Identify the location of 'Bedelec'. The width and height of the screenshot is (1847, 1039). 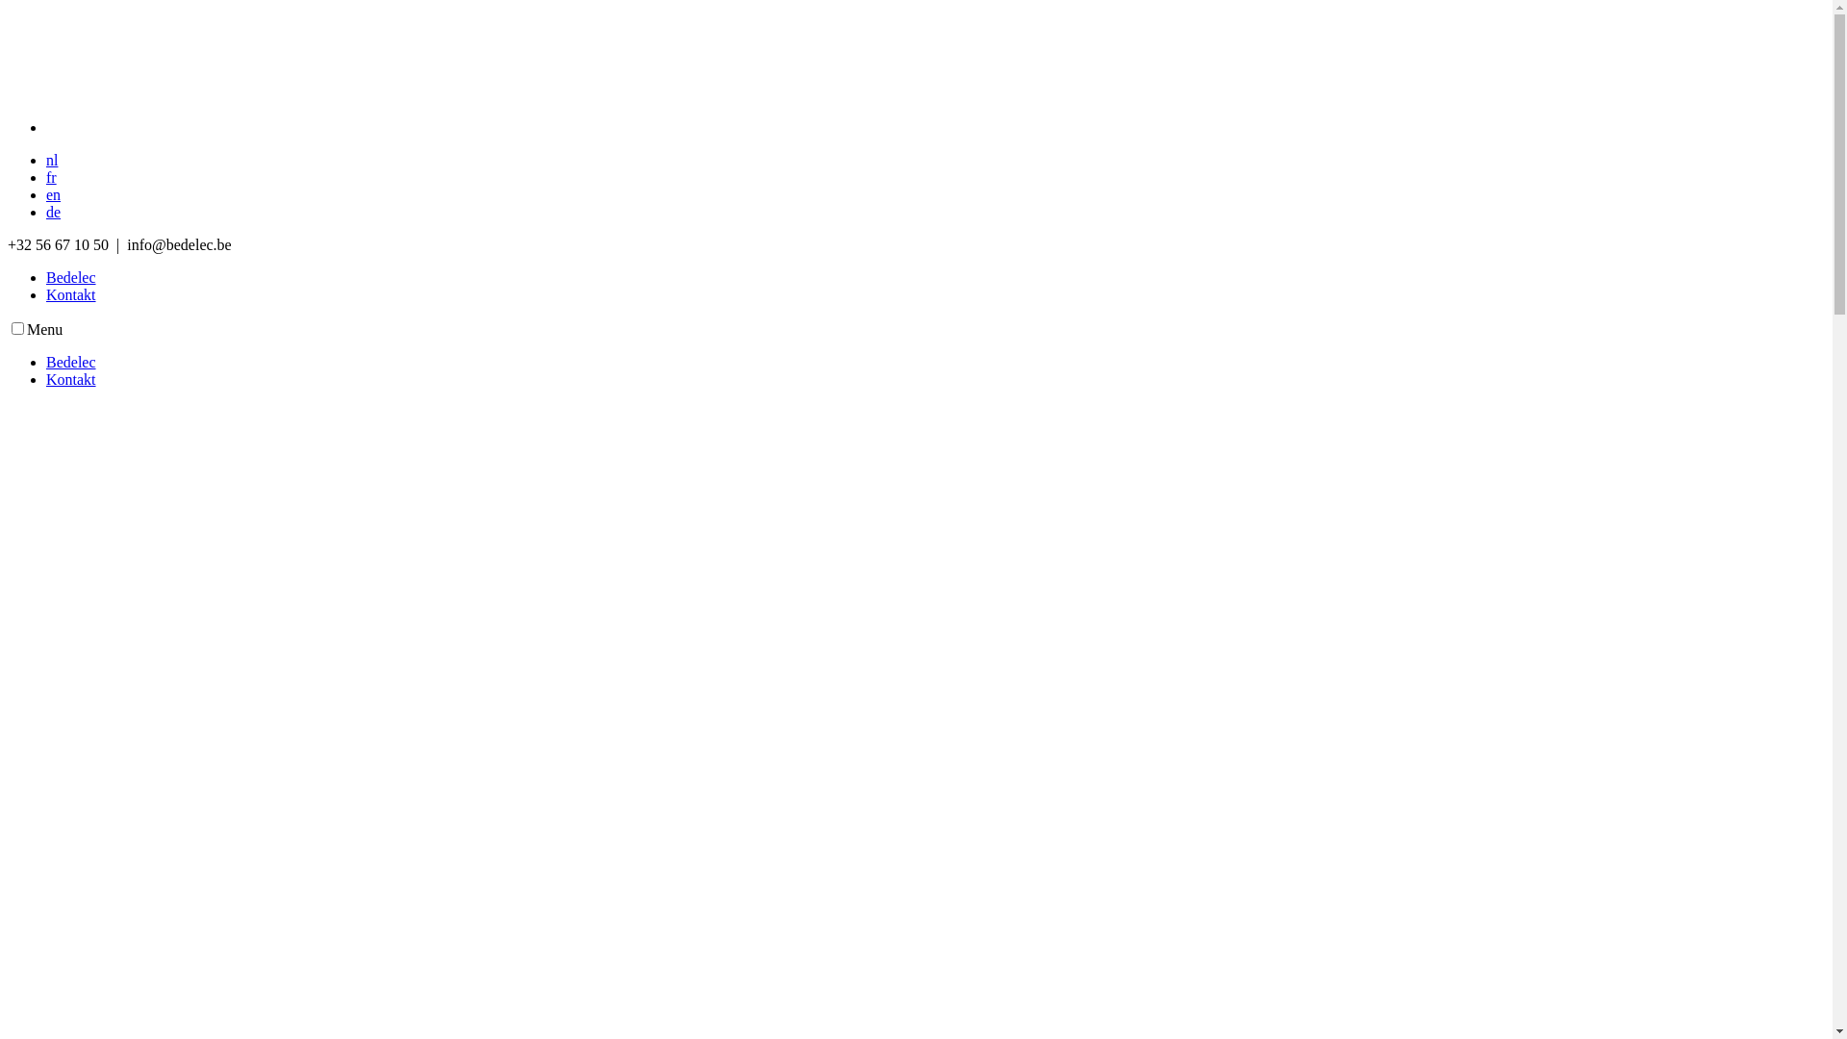
(46, 362).